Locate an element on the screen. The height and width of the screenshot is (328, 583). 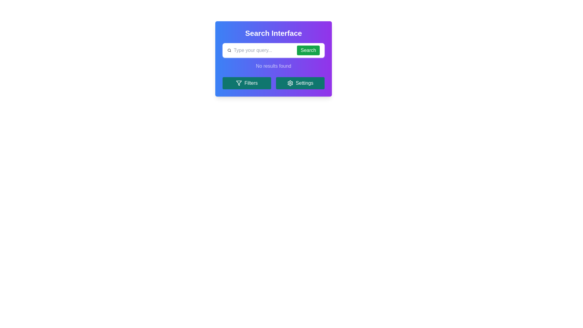
the 'Settings' button, which is a rectangular button with a teal background and a gear icon, located near the bottom center of the interface is located at coordinates (300, 83).